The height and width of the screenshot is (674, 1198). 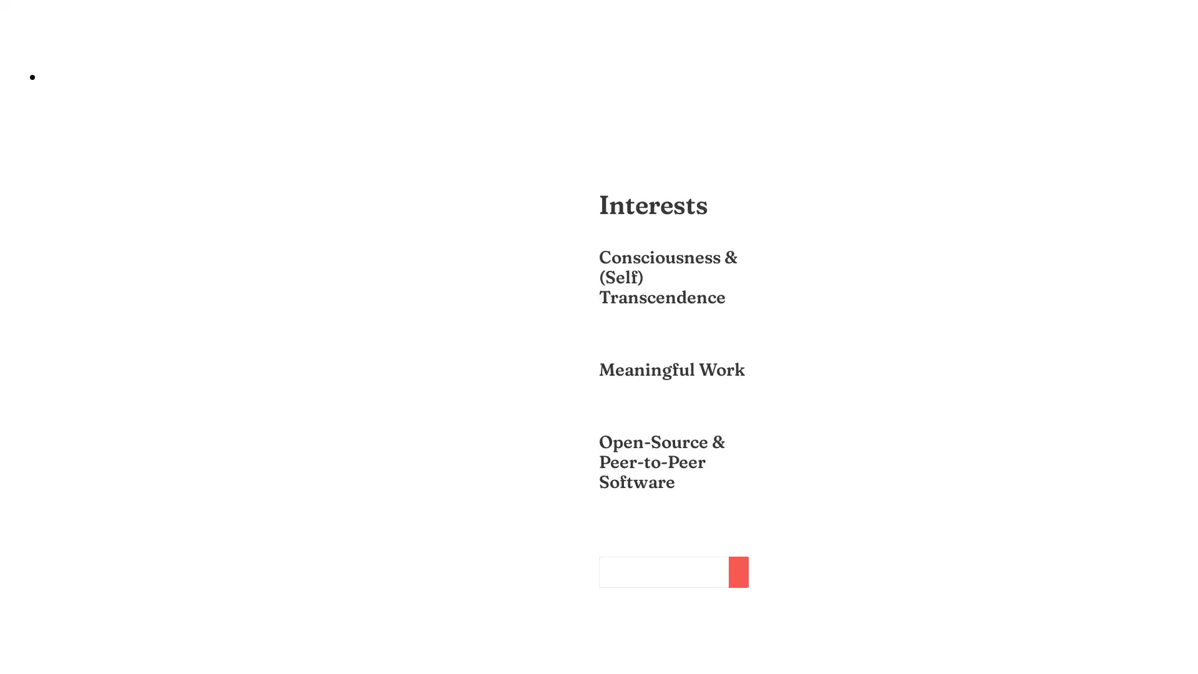 I want to click on Subscribe, so click(x=739, y=572).